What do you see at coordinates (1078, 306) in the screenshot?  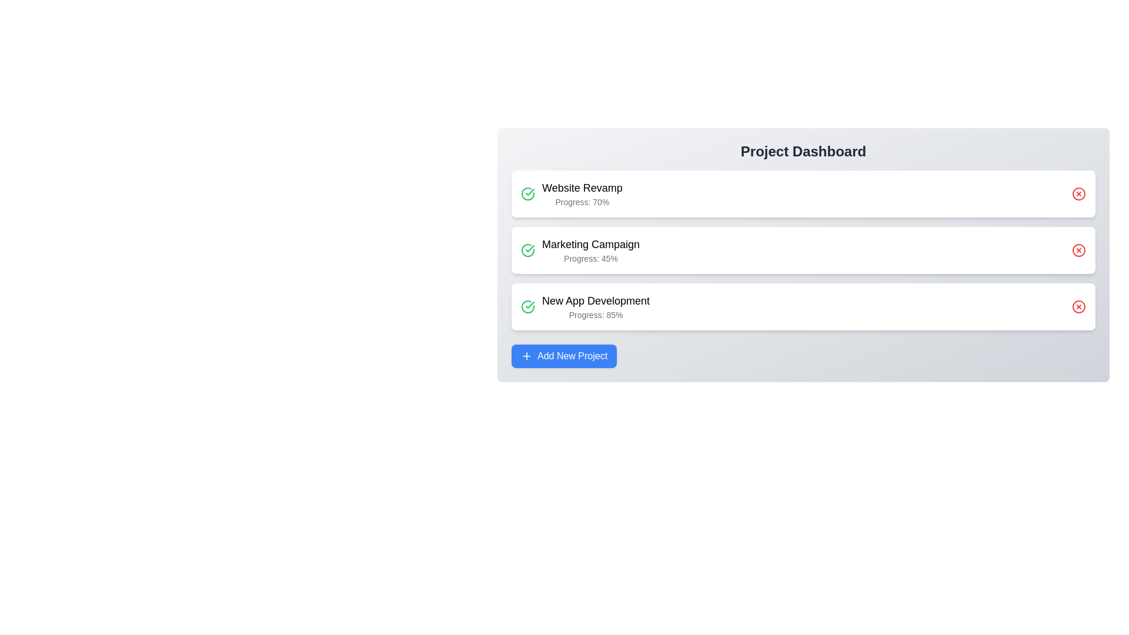 I see `delete button for the project named New App Development` at bounding box center [1078, 306].